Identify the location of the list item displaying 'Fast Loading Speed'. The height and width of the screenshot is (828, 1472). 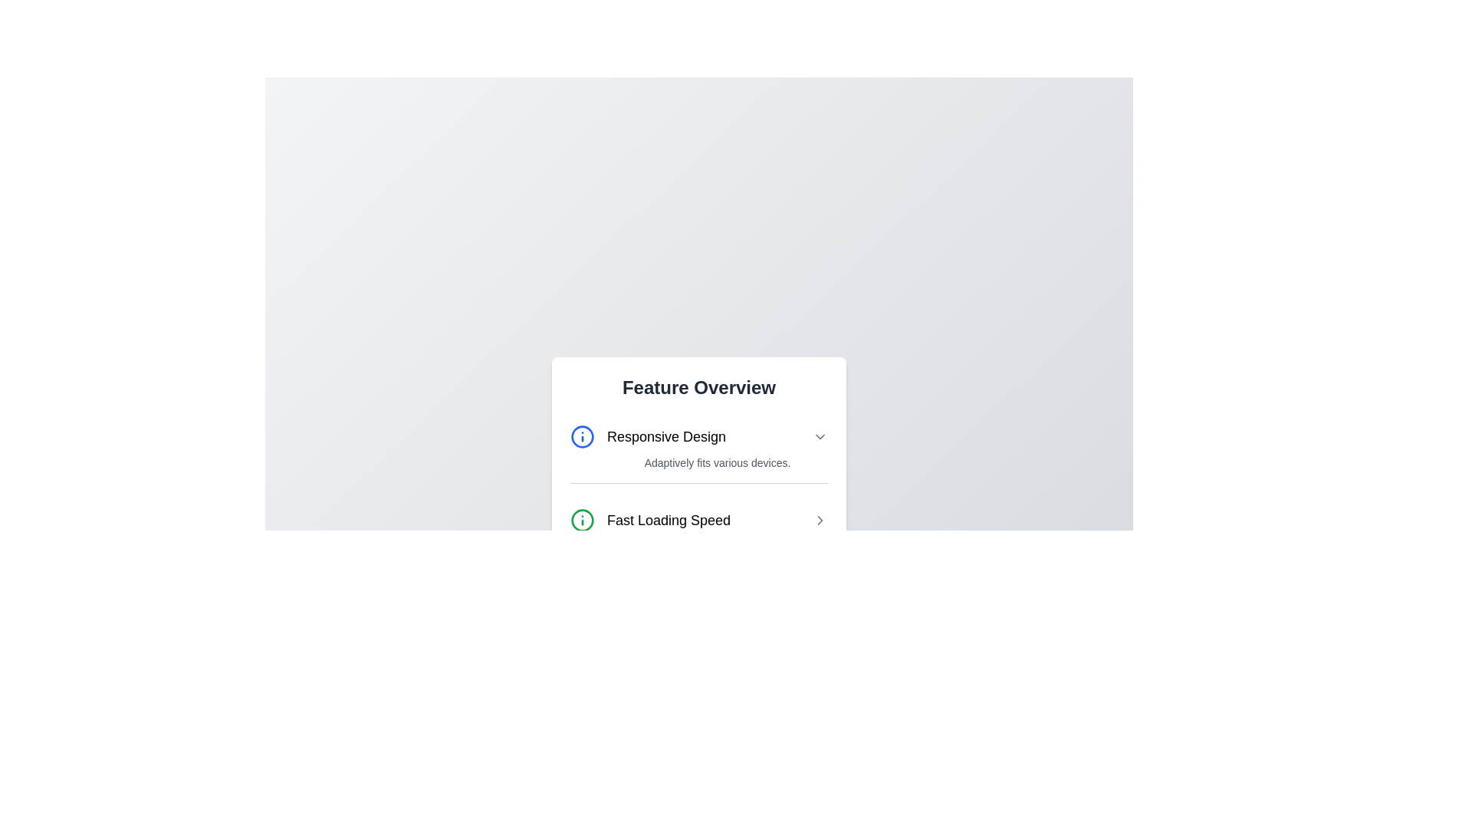
(698, 519).